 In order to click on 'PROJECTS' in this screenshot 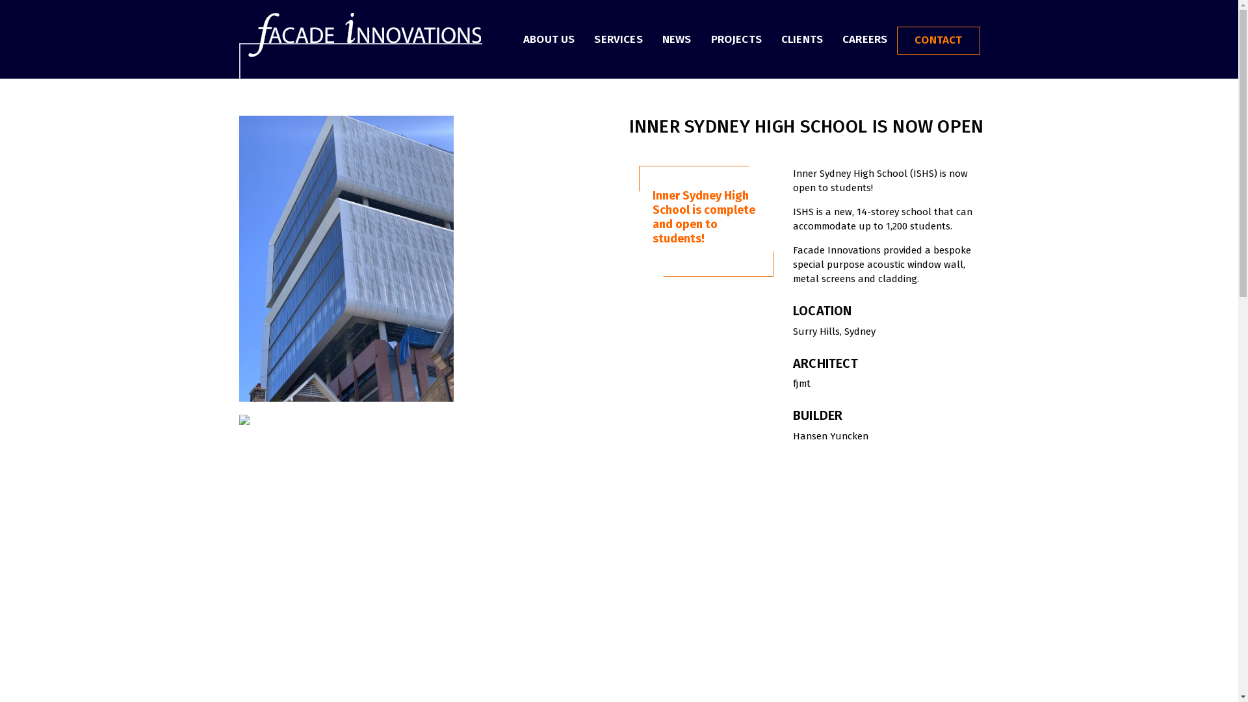, I will do `click(736, 37)`.